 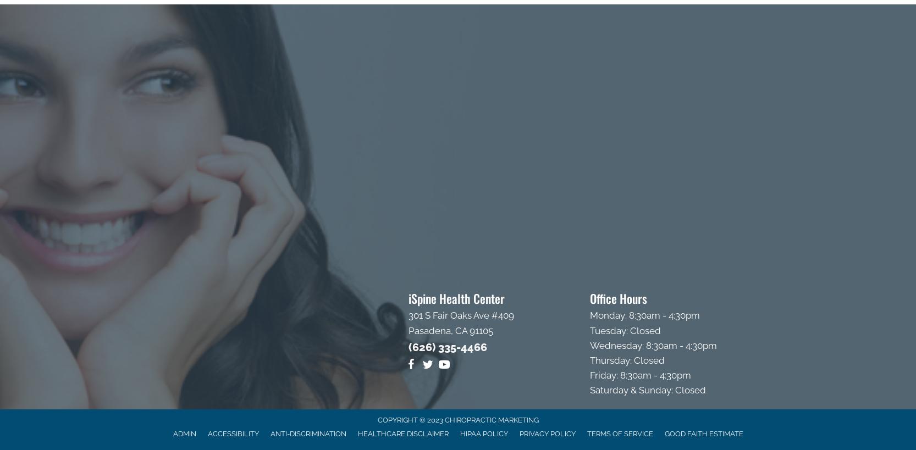 What do you see at coordinates (232, 434) in the screenshot?
I see `'Accessibility'` at bounding box center [232, 434].